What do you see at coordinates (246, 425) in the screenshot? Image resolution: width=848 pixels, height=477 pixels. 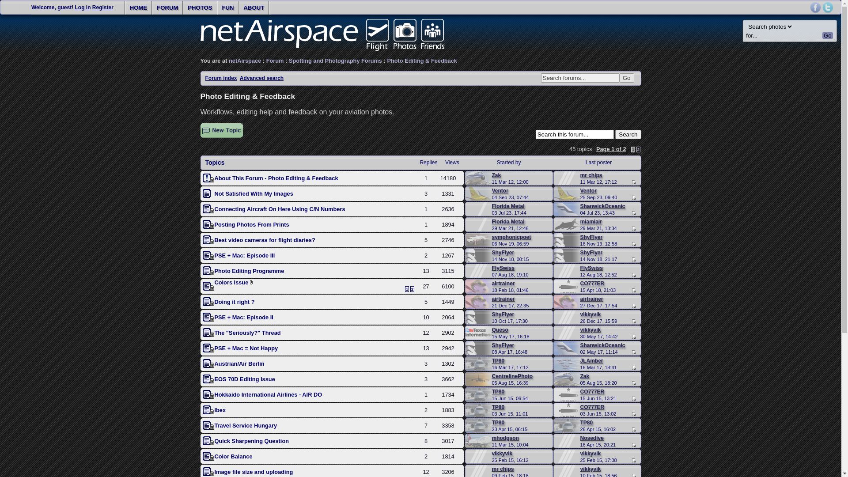 I see `'Travel Service Hungary'` at bounding box center [246, 425].